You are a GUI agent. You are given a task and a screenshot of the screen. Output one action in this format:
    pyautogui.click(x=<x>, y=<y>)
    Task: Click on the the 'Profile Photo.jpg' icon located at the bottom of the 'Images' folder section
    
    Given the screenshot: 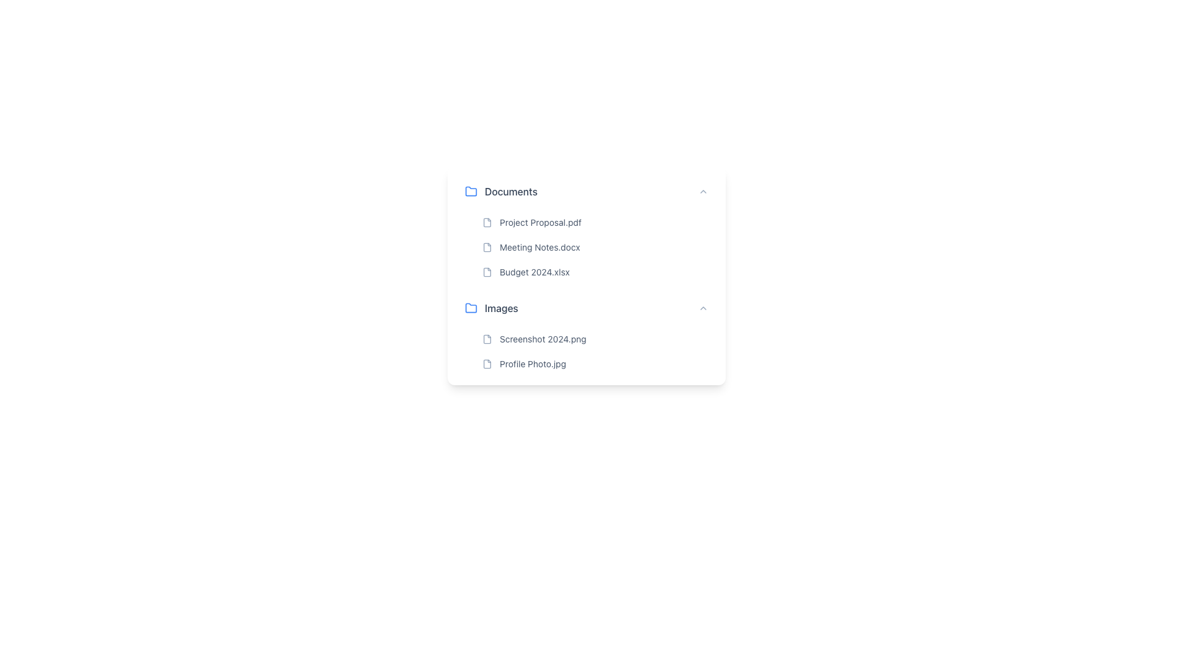 What is the action you would take?
    pyautogui.click(x=487, y=363)
    